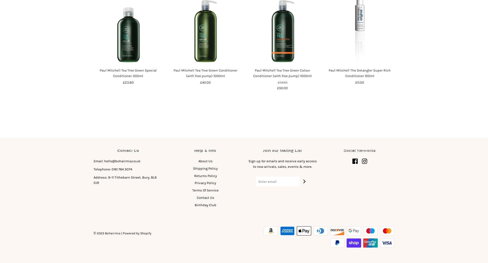  Describe the element at coordinates (205, 205) in the screenshot. I see `'Birthday Club'` at that location.